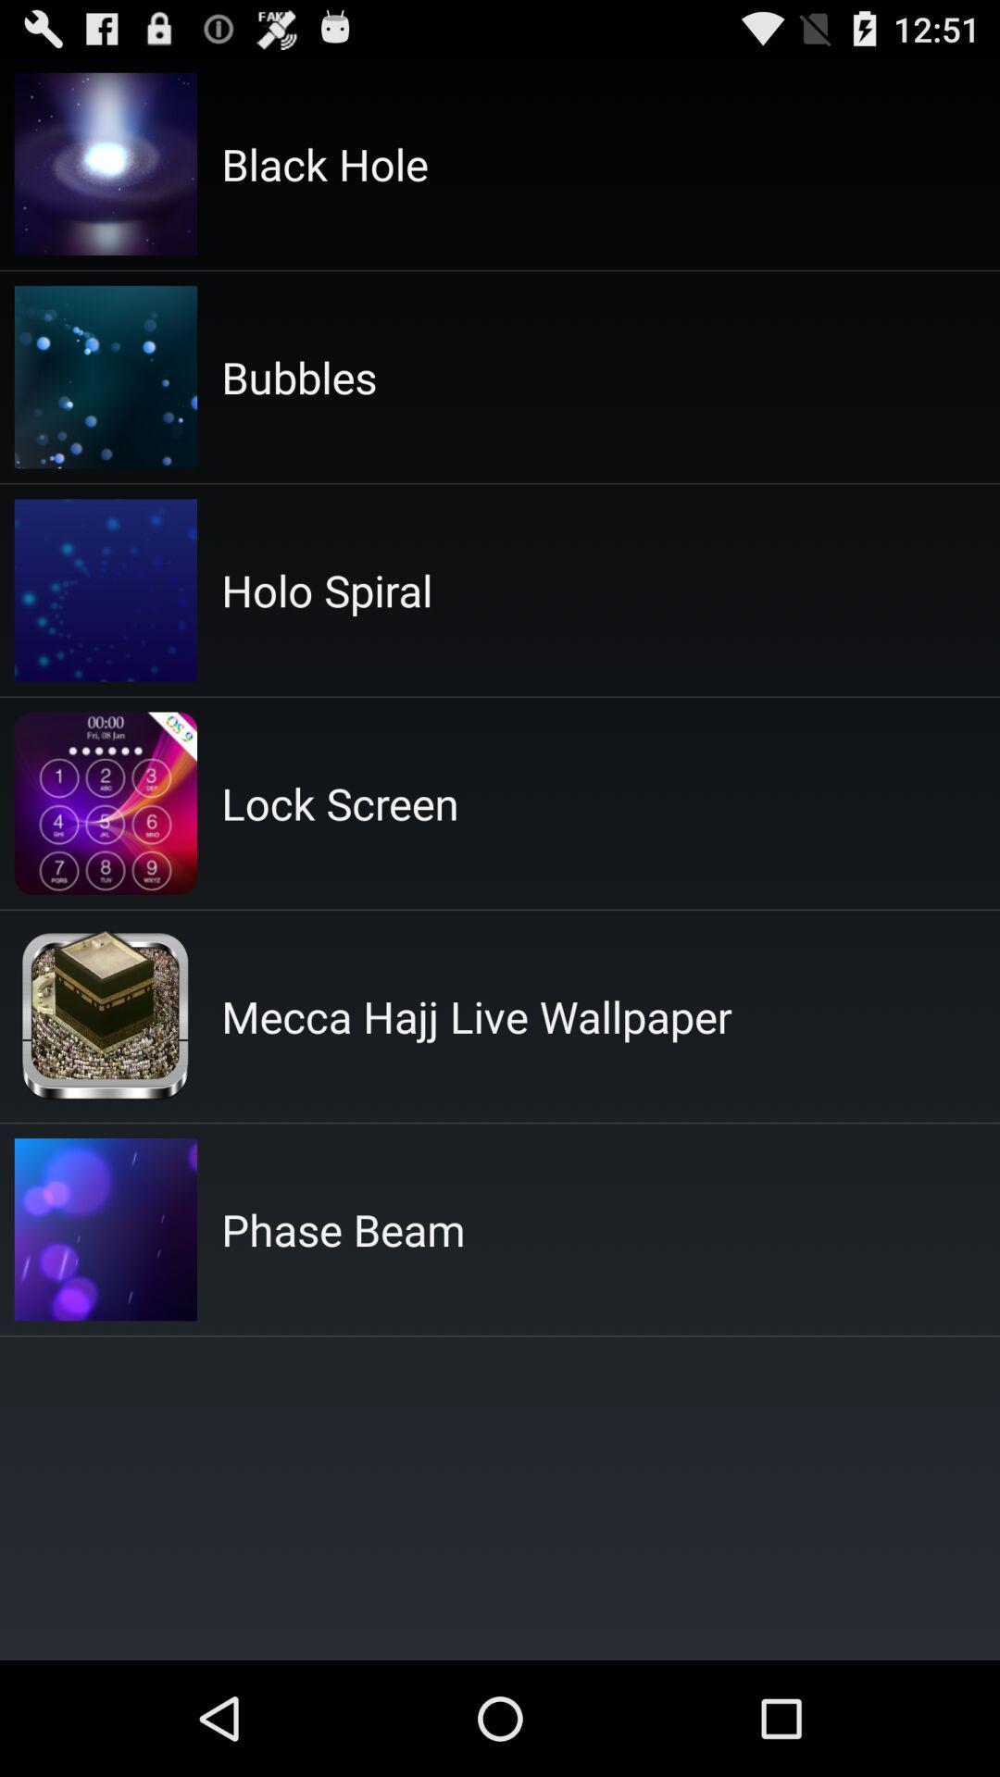 This screenshot has height=1777, width=1000. I want to click on the bubbles item, so click(298, 376).